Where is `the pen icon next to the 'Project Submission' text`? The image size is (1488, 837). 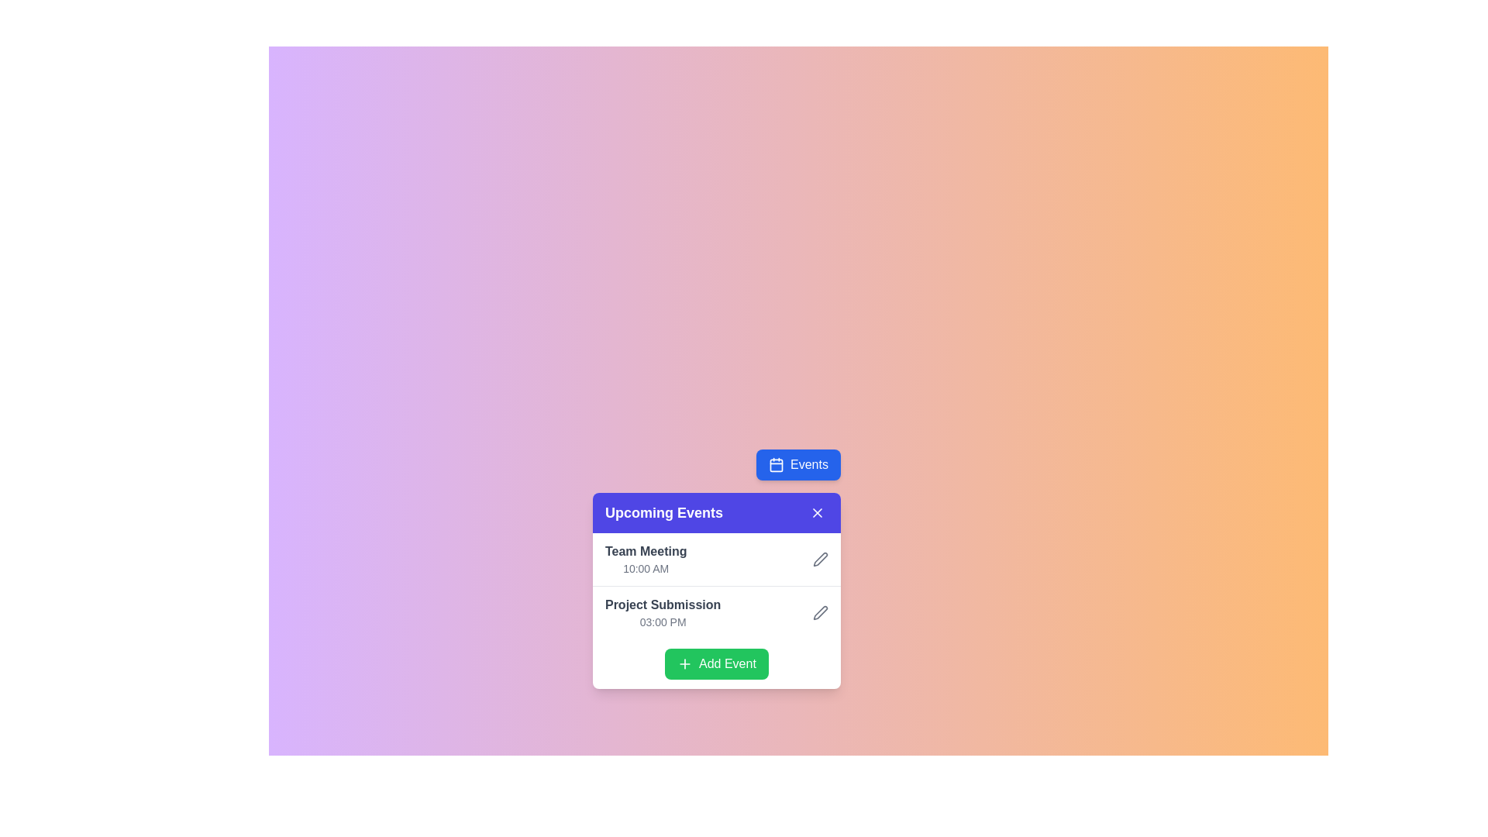
the pen icon next to the 'Project Submission' text is located at coordinates (819, 611).